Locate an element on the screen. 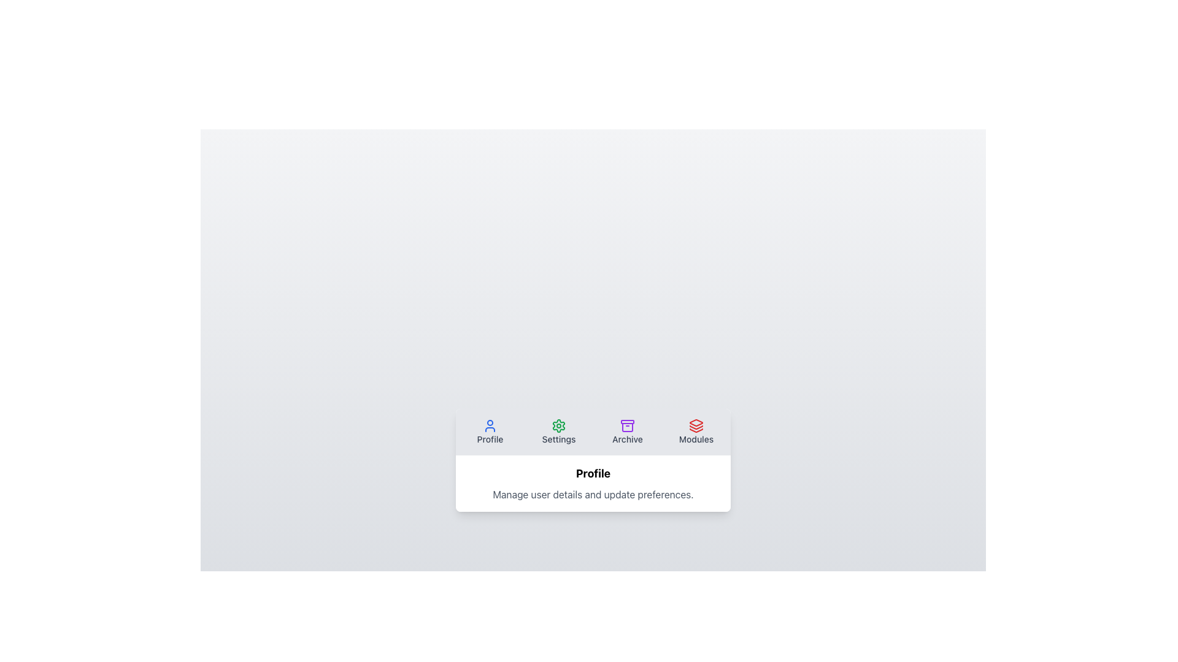 This screenshot has height=662, width=1178. the 'Archive' tab button, which features a purple archive box icon and is the third tab in a horizontal layout of four tabs is located at coordinates (627, 432).